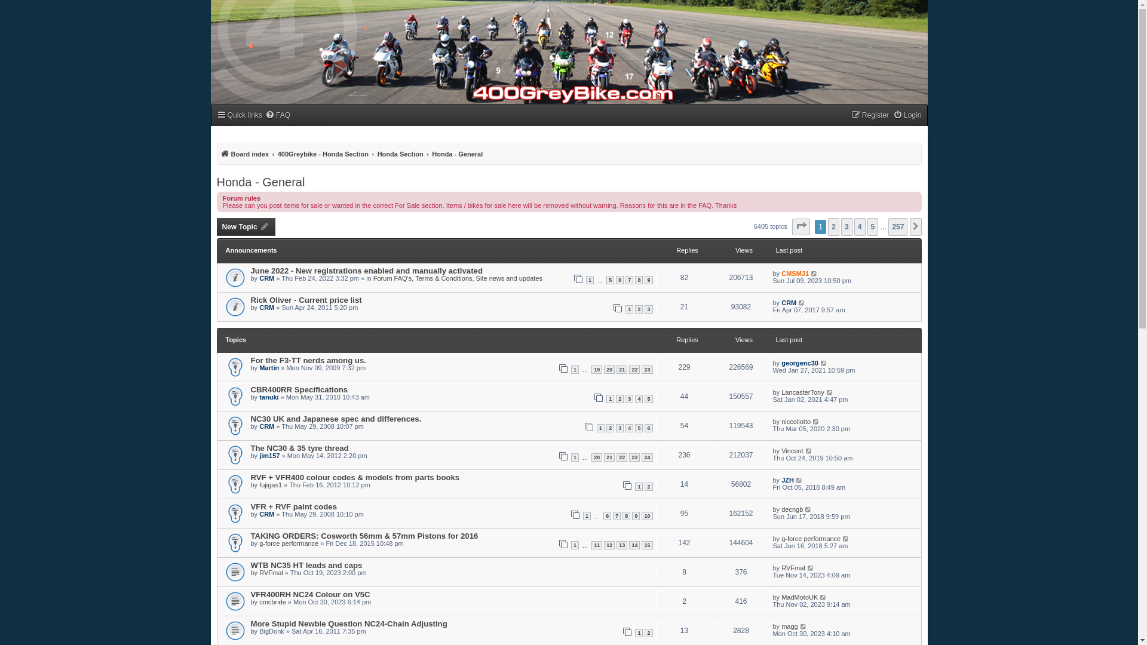  What do you see at coordinates (646, 545) in the screenshot?
I see `'15'` at bounding box center [646, 545].